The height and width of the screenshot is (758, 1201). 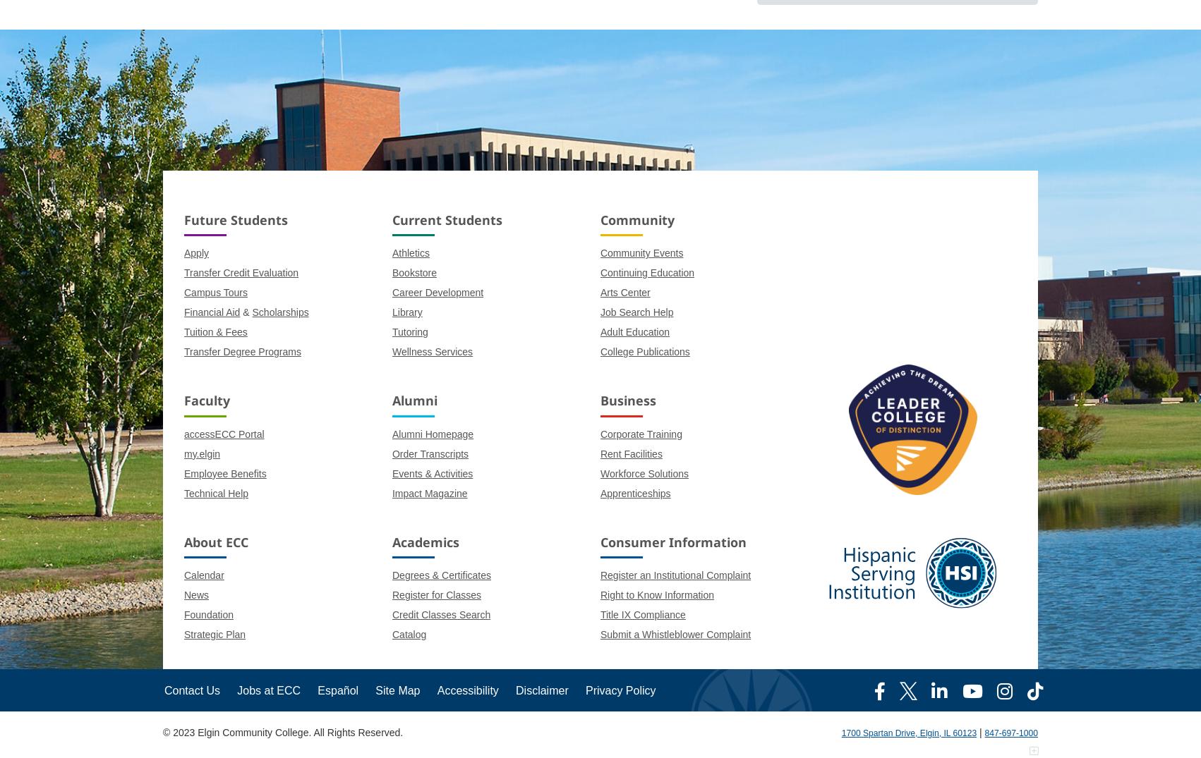 What do you see at coordinates (215, 633) in the screenshot?
I see `'Strategic Plan'` at bounding box center [215, 633].